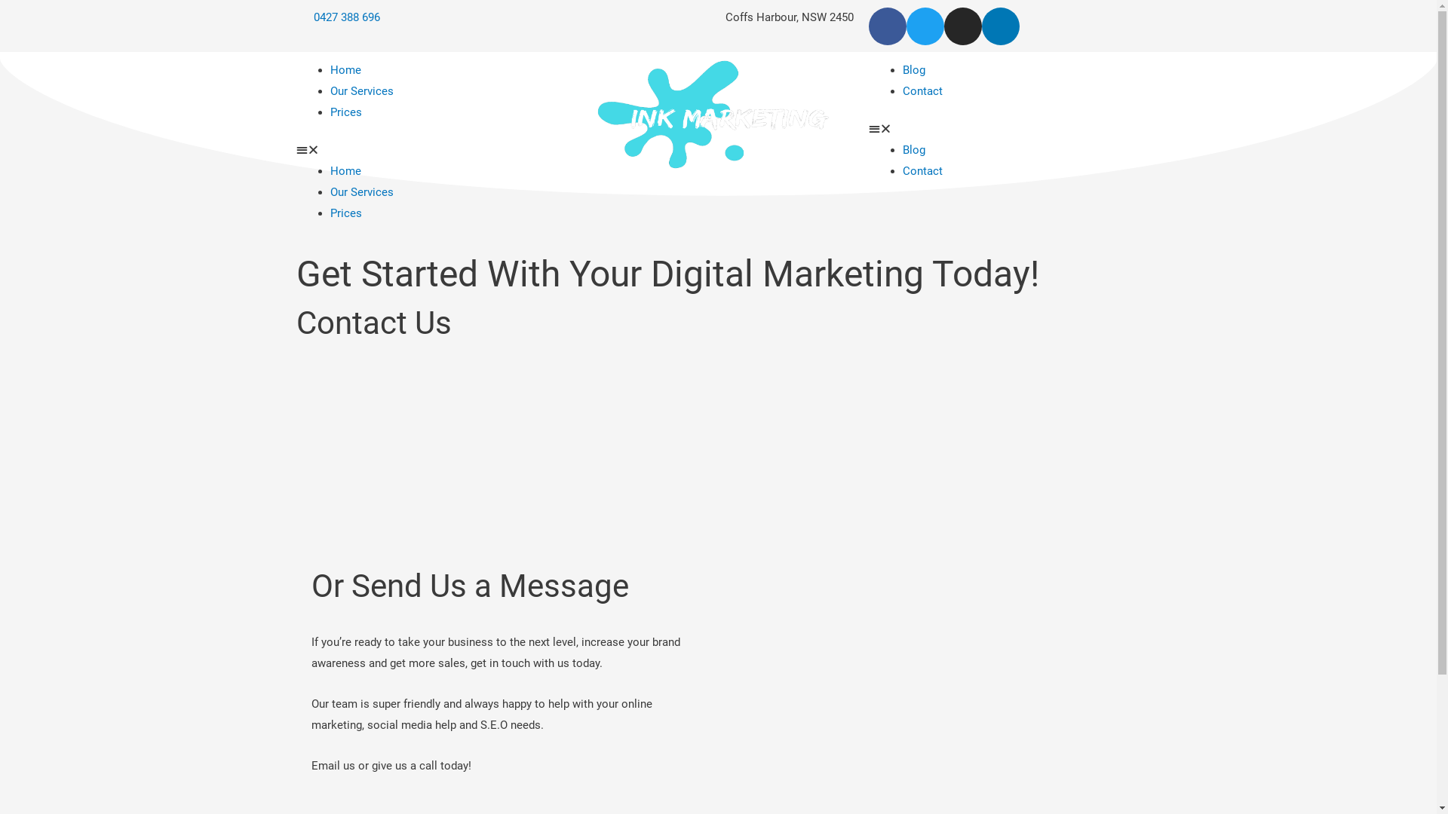  What do you see at coordinates (329, 191) in the screenshot?
I see `'Our Services'` at bounding box center [329, 191].